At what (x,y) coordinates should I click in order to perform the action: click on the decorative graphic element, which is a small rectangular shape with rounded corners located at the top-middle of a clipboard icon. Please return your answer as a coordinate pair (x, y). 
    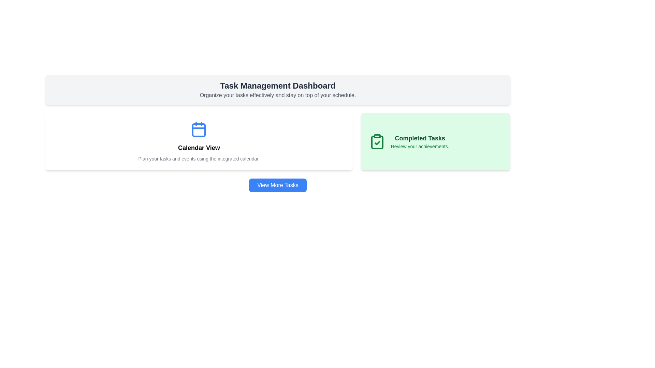
    Looking at the image, I should click on (377, 136).